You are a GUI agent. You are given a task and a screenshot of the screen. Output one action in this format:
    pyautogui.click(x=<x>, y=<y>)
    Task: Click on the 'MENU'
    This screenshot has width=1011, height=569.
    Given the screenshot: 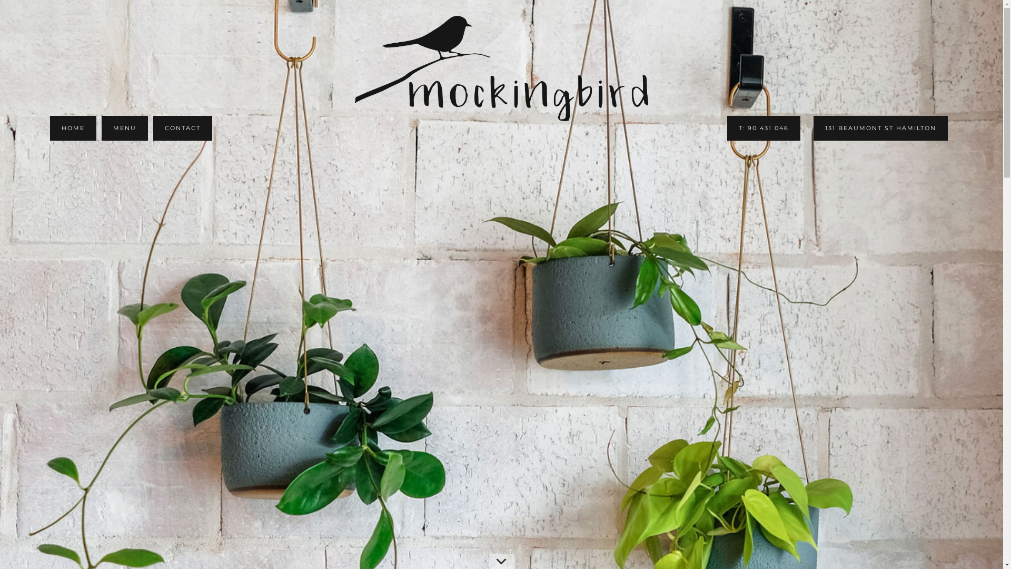 What is the action you would take?
    pyautogui.click(x=124, y=127)
    